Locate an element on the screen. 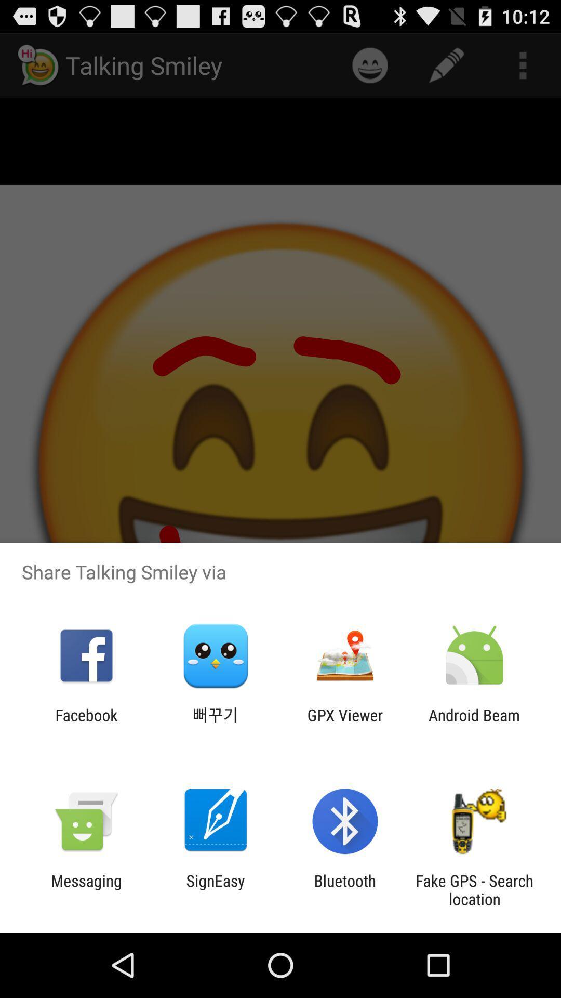 The height and width of the screenshot is (998, 561). the app next to the android beam app is located at coordinates (345, 724).